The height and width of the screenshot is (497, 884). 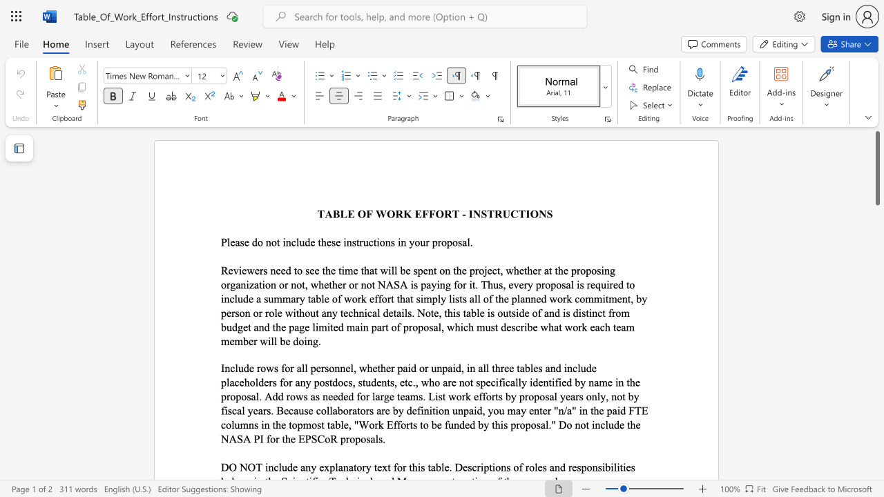 What do you see at coordinates (876, 262) in the screenshot?
I see `the page's right scrollbar for downward movement` at bounding box center [876, 262].